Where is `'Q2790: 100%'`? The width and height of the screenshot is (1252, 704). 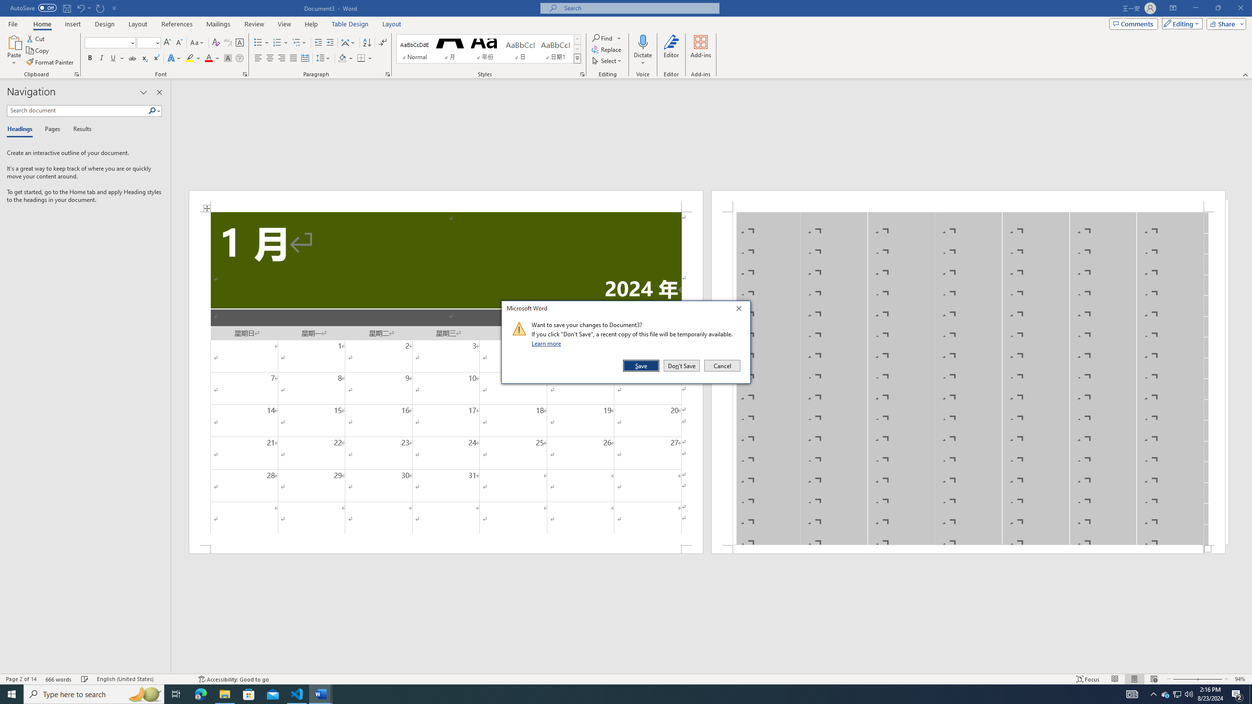 'Q2790: 100%' is located at coordinates (1188, 693).